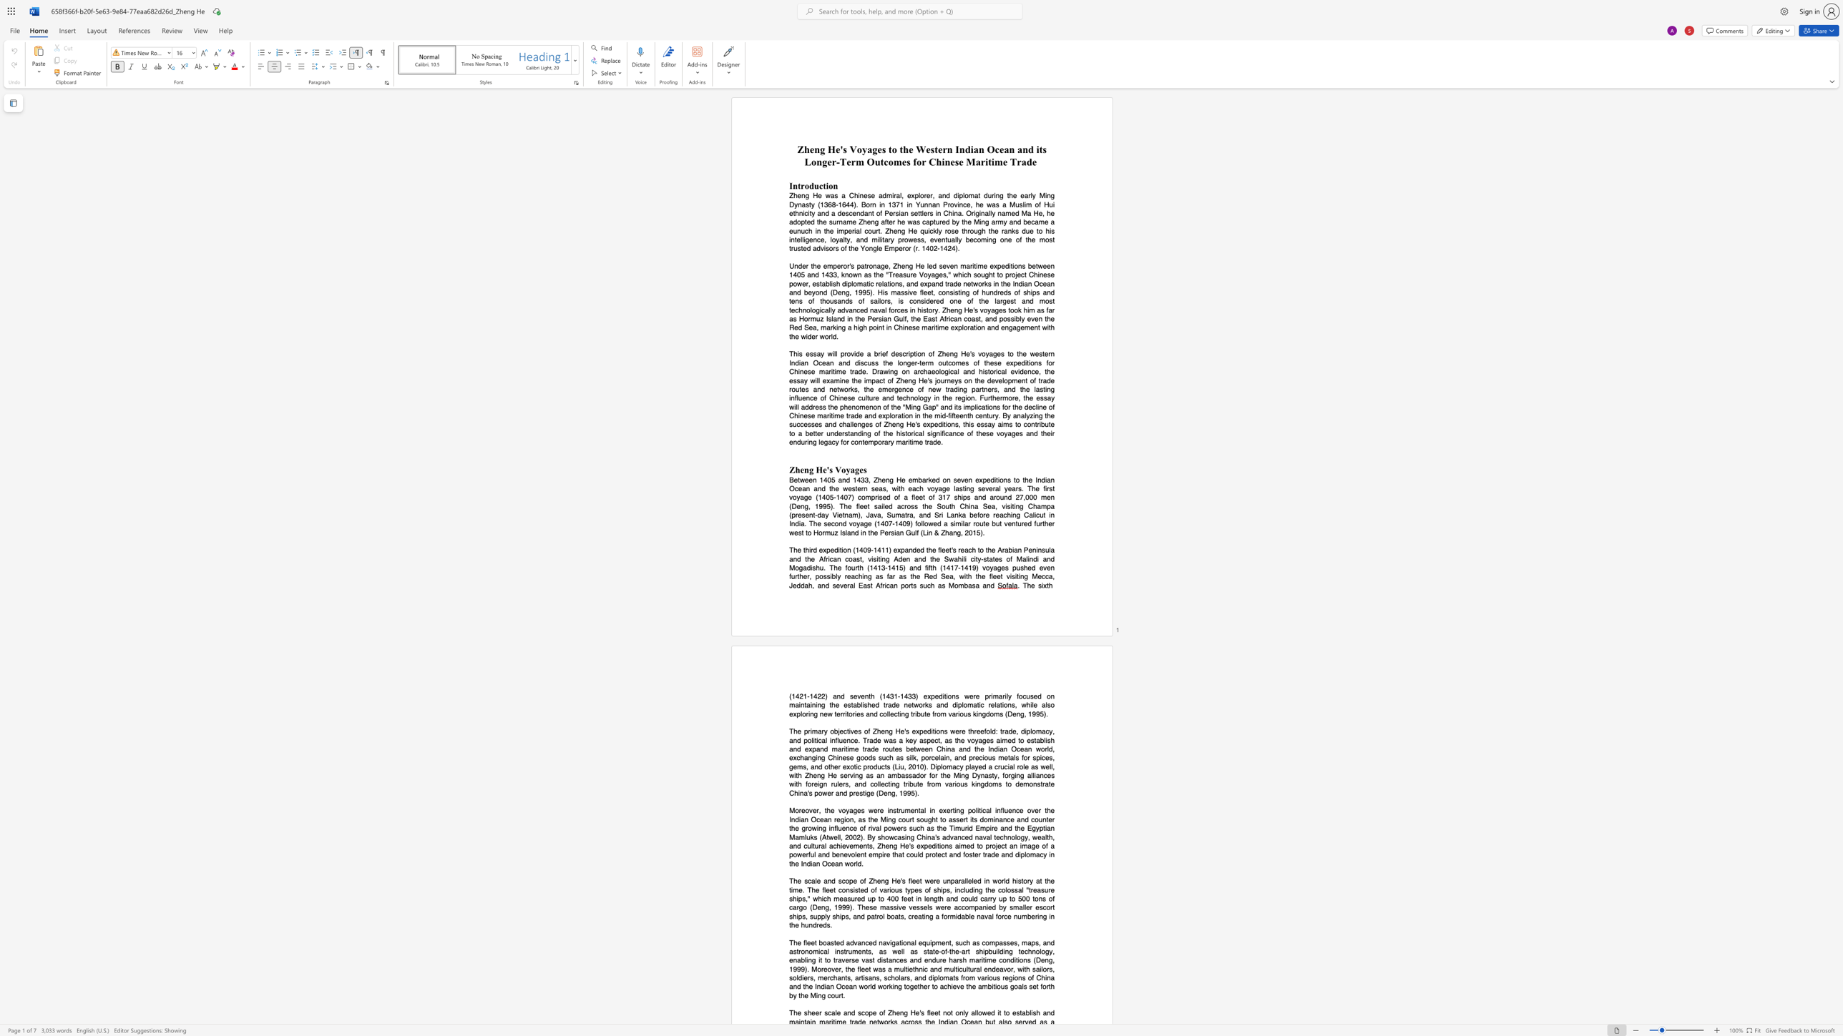  Describe the element at coordinates (1035, 915) in the screenshot. I see `the subset text "ring in t" within the text "of ships, including the colossal"` at that location.